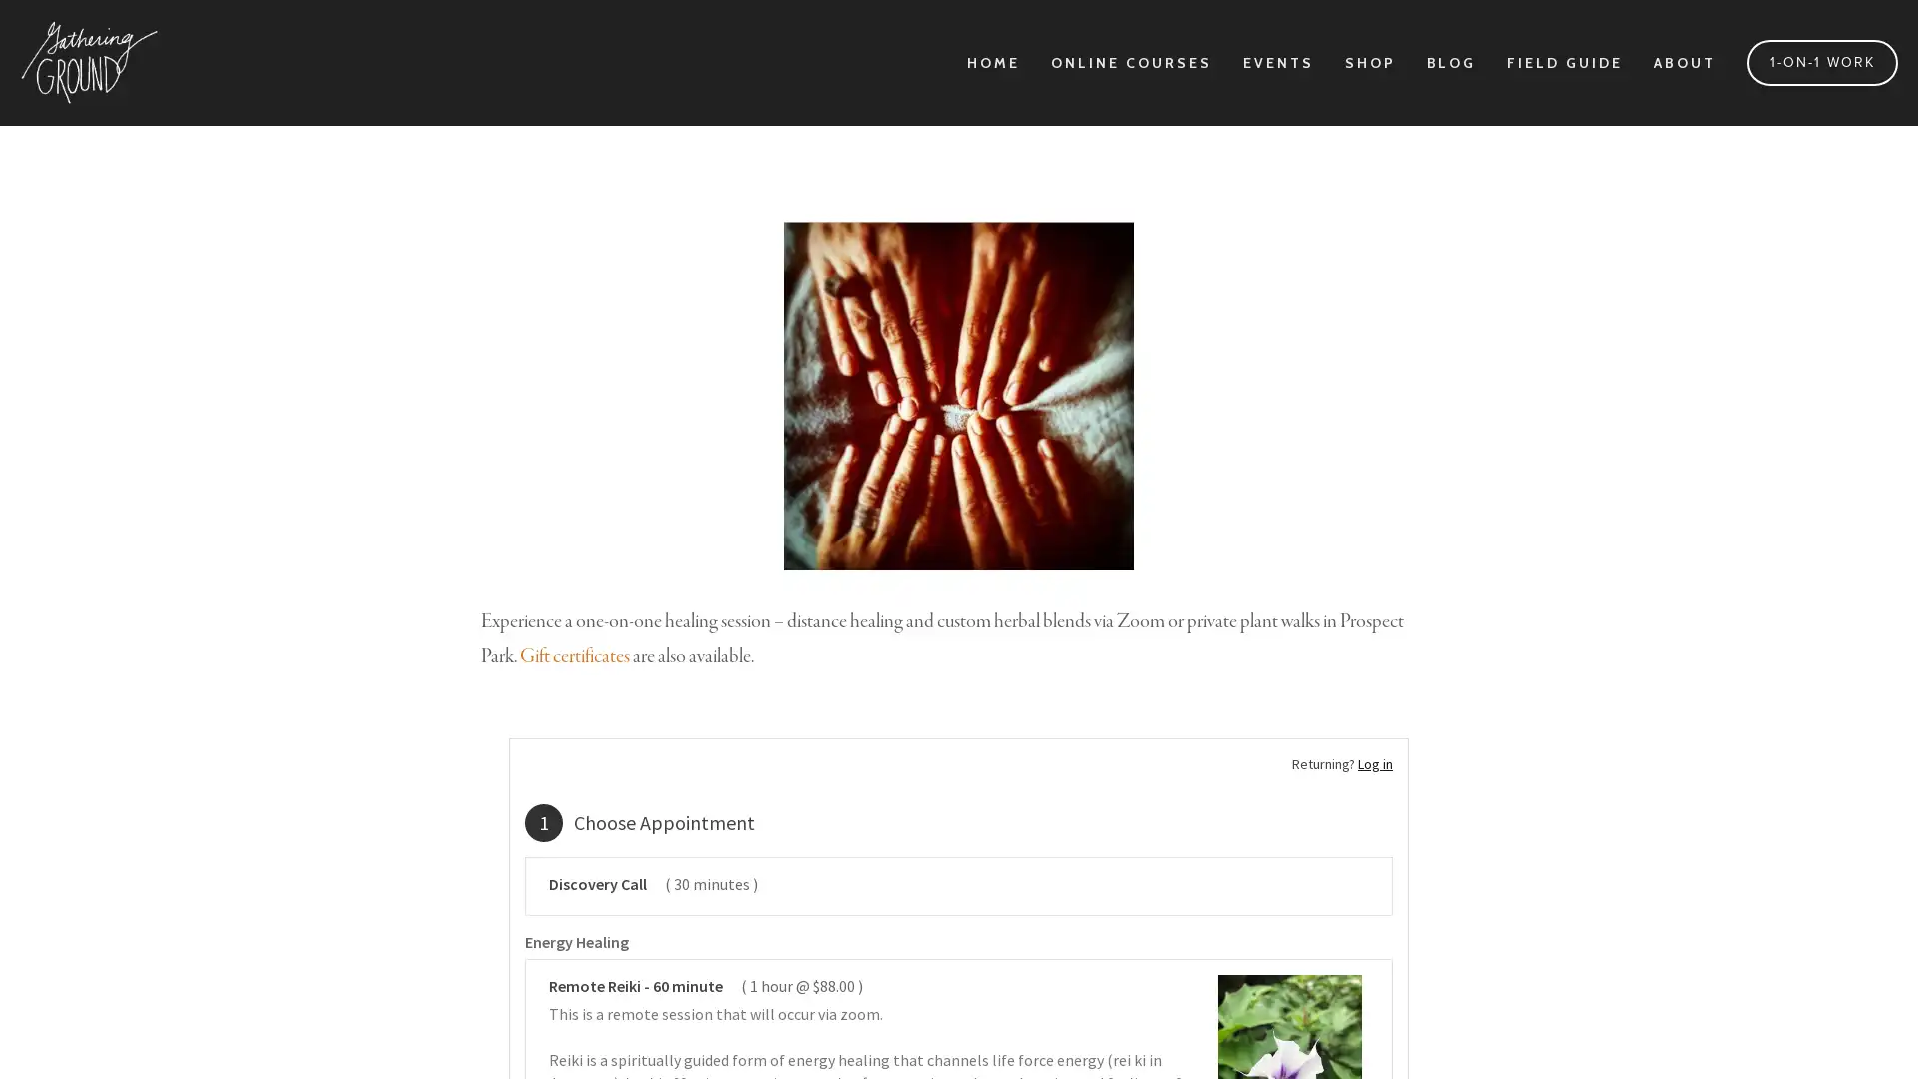 This screenshot has height=1079, width=1918. Describe the element at coordinates (1254, 108) in the screenshot. I see `Close` at that location.